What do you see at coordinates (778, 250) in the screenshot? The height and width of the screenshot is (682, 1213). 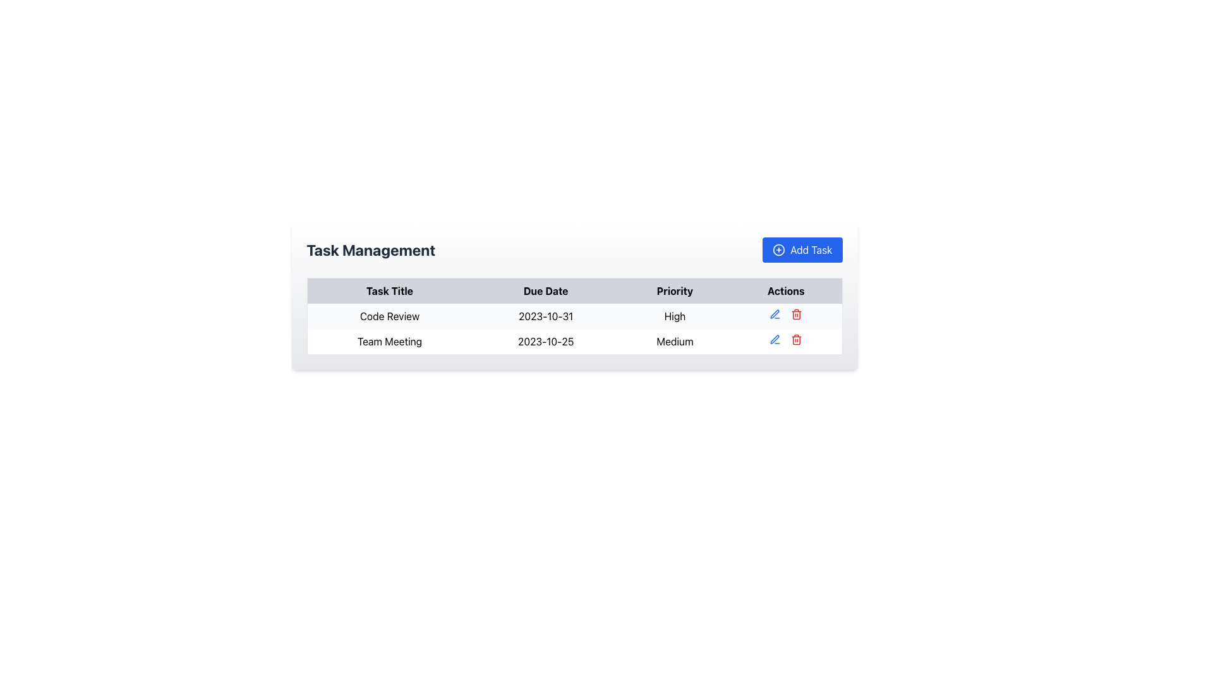 I see `the circular icon with a plus symbol in its center, which is part of the 'Add Task' button located in the top-right corner of the interface` at bounding box center [778, 250].